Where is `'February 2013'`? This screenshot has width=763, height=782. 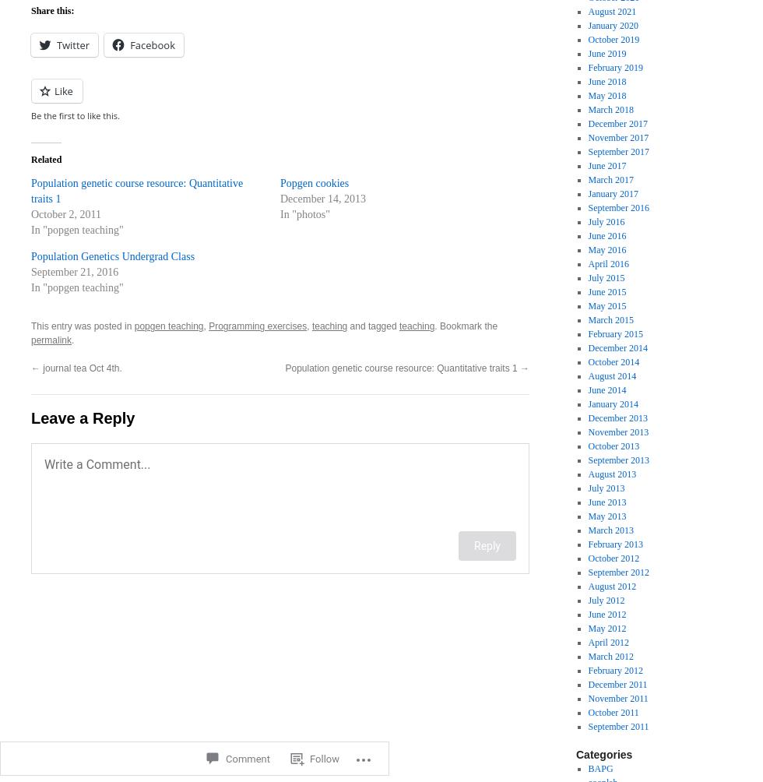
'February 2013' is located at coordinates (587, 543).